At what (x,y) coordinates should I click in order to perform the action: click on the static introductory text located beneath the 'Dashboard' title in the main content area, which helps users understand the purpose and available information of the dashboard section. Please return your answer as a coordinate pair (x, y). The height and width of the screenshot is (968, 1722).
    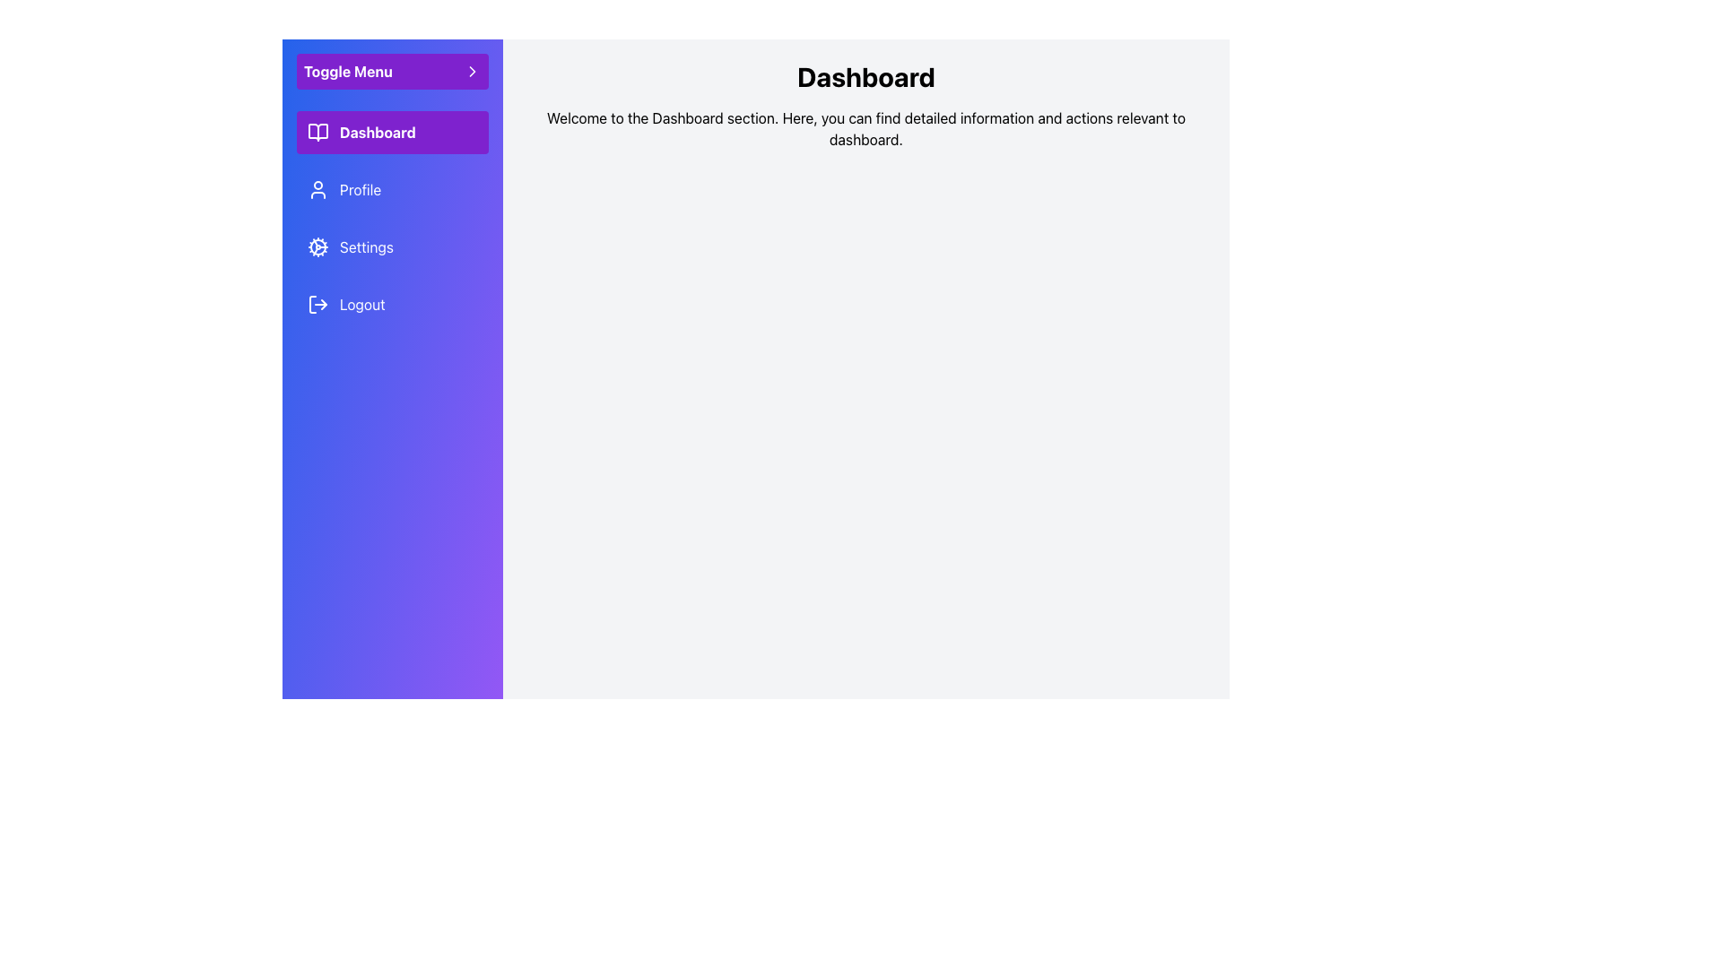
    Looking at the image, I should click on (865, 127).